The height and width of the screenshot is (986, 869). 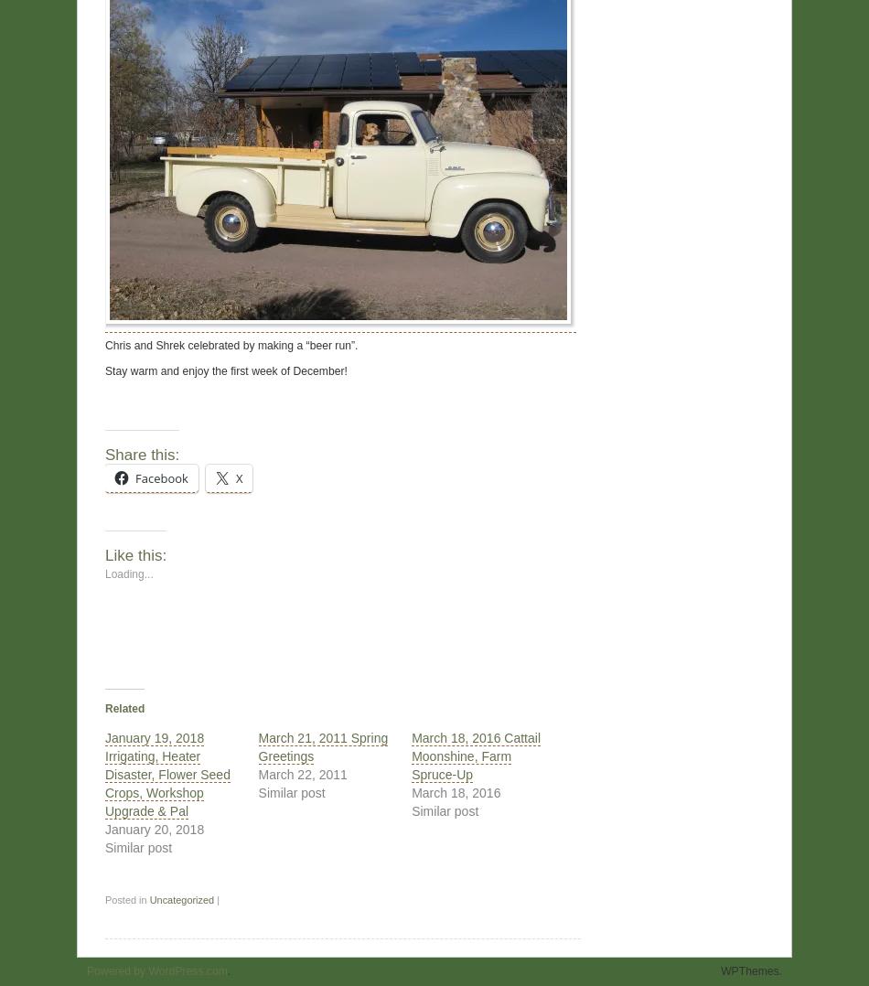 I want to click on '|', so click(x=213, y=899).